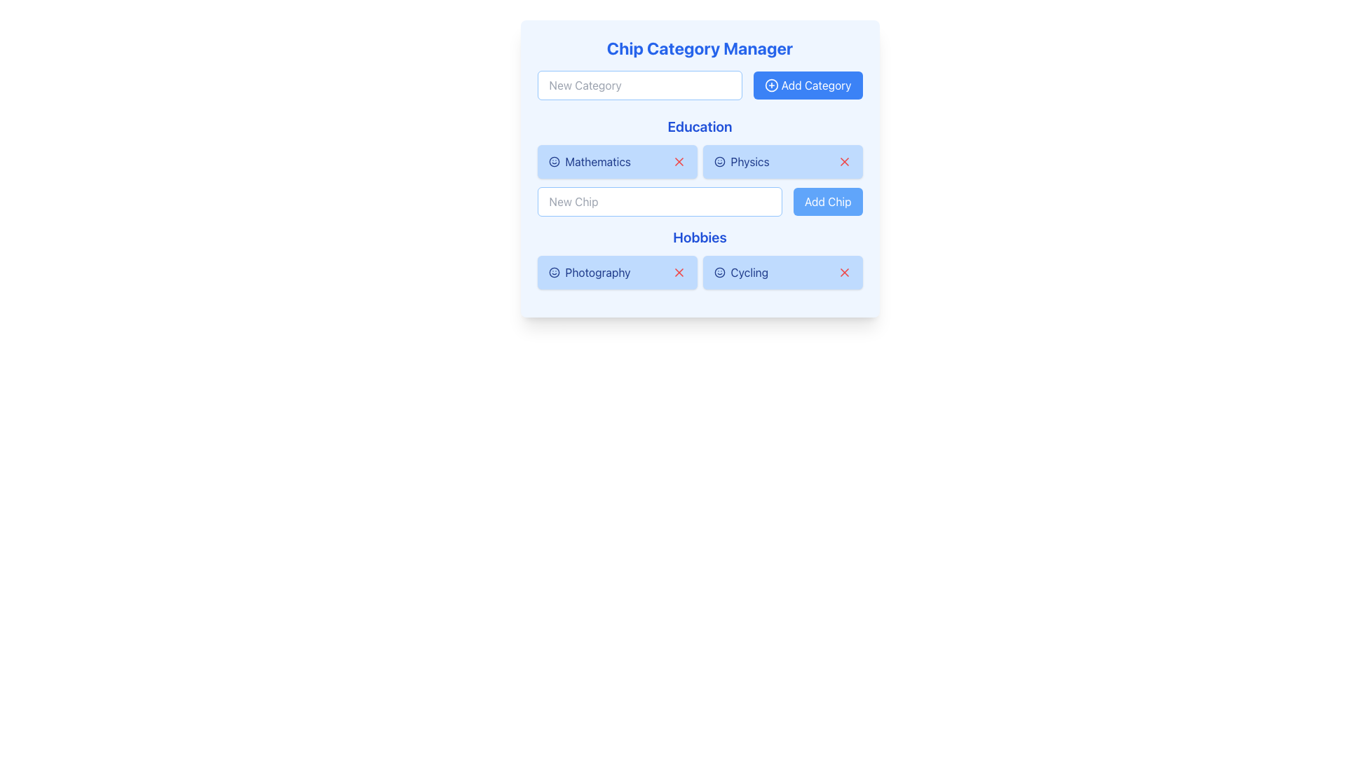  I want to click on the cross icon located to the right of the 'Photography' label chip in the 'Hobbies' section, so click(679, 273).